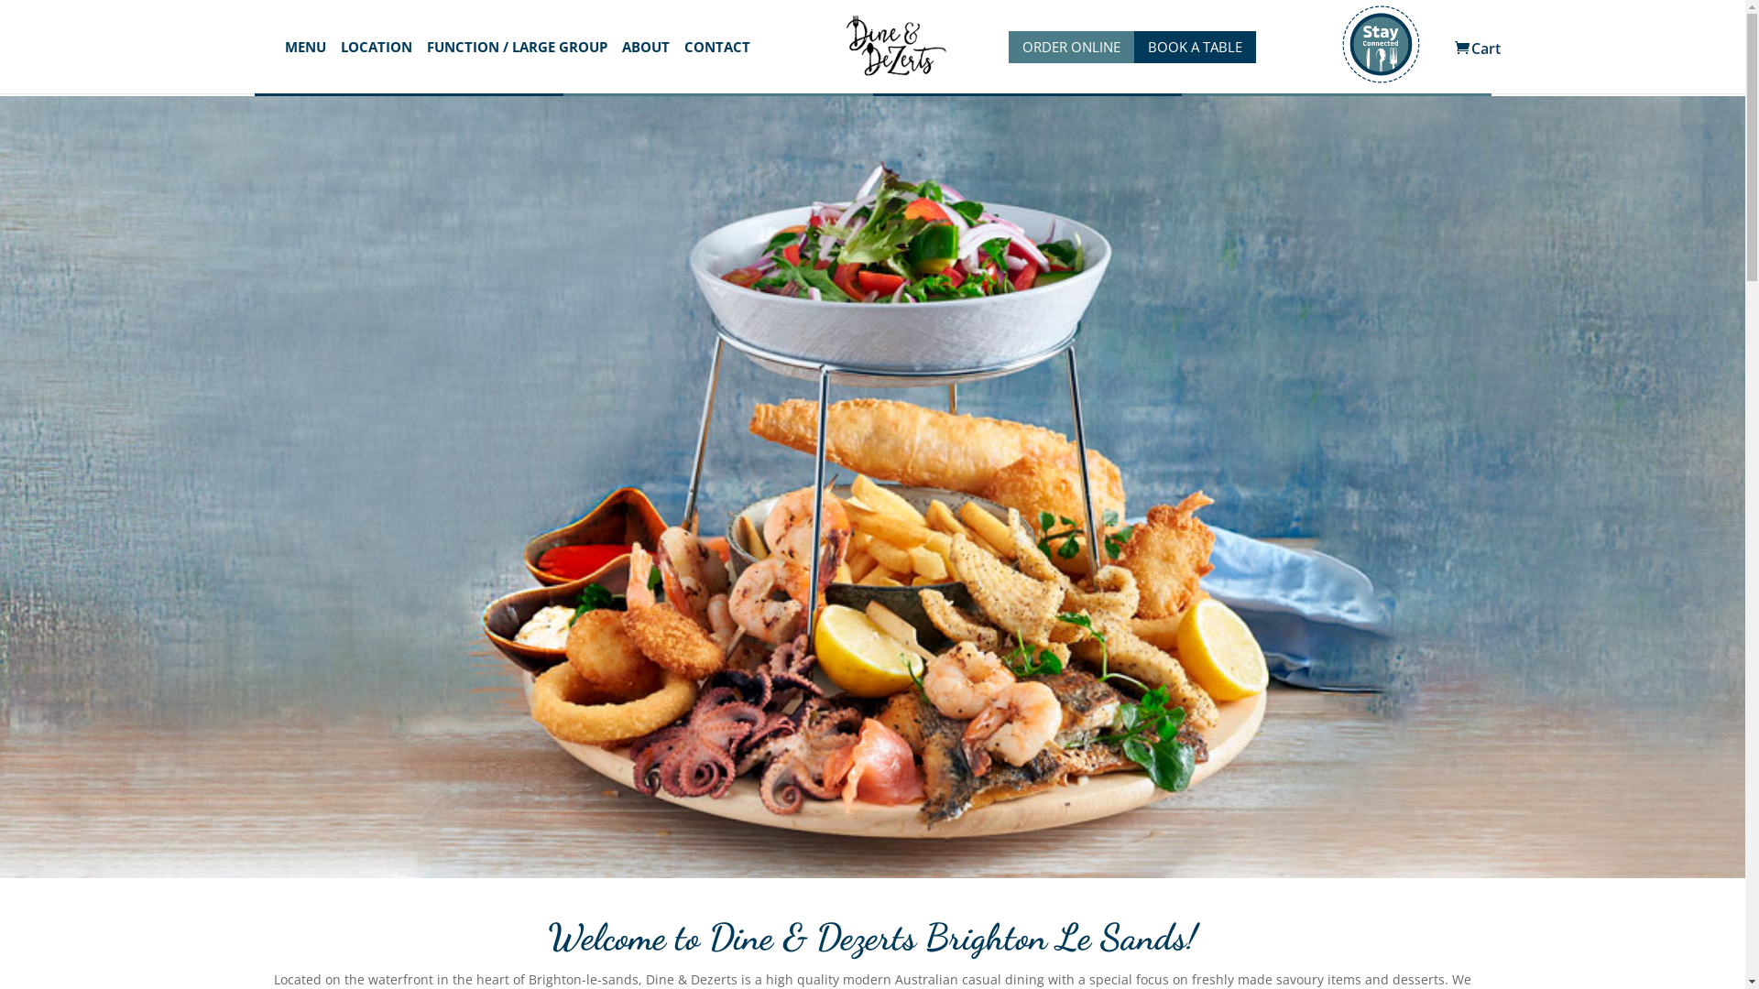 The width and height of the screenshot is (1759, 989). I want to click on 'Menu', so click(716, 75).